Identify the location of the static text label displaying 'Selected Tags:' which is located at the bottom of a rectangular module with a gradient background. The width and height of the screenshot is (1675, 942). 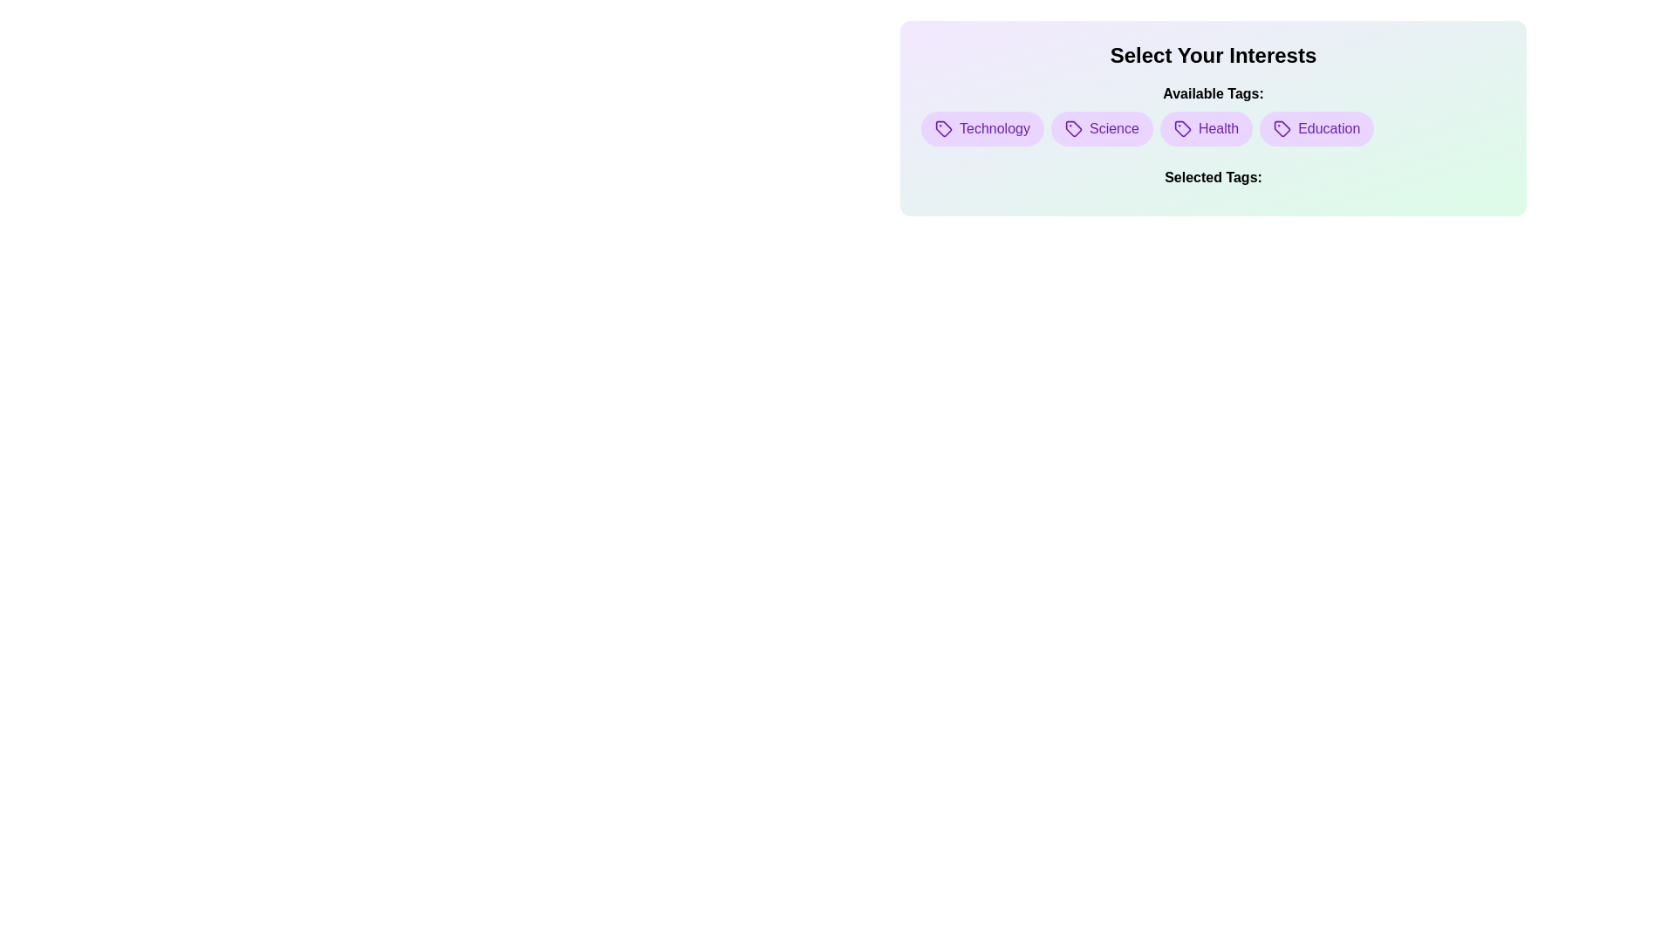
(1213, 181).